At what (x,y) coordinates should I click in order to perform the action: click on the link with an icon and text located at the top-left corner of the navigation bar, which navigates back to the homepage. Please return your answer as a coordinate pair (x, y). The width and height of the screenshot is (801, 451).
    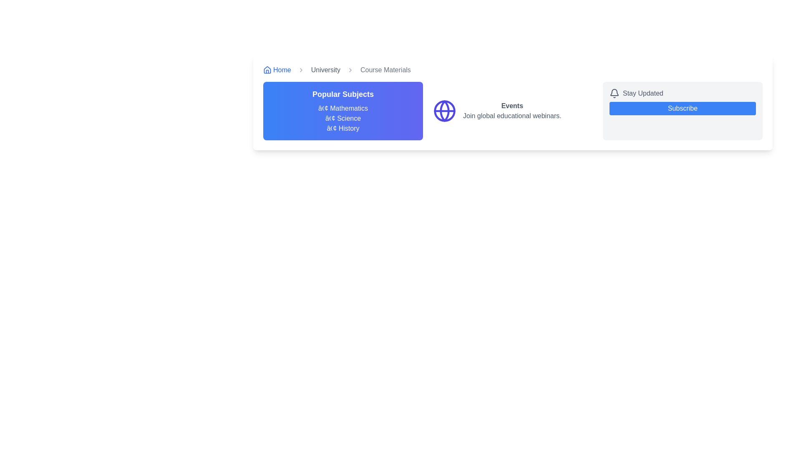
    Looking at the image, I should click on (277, 70).